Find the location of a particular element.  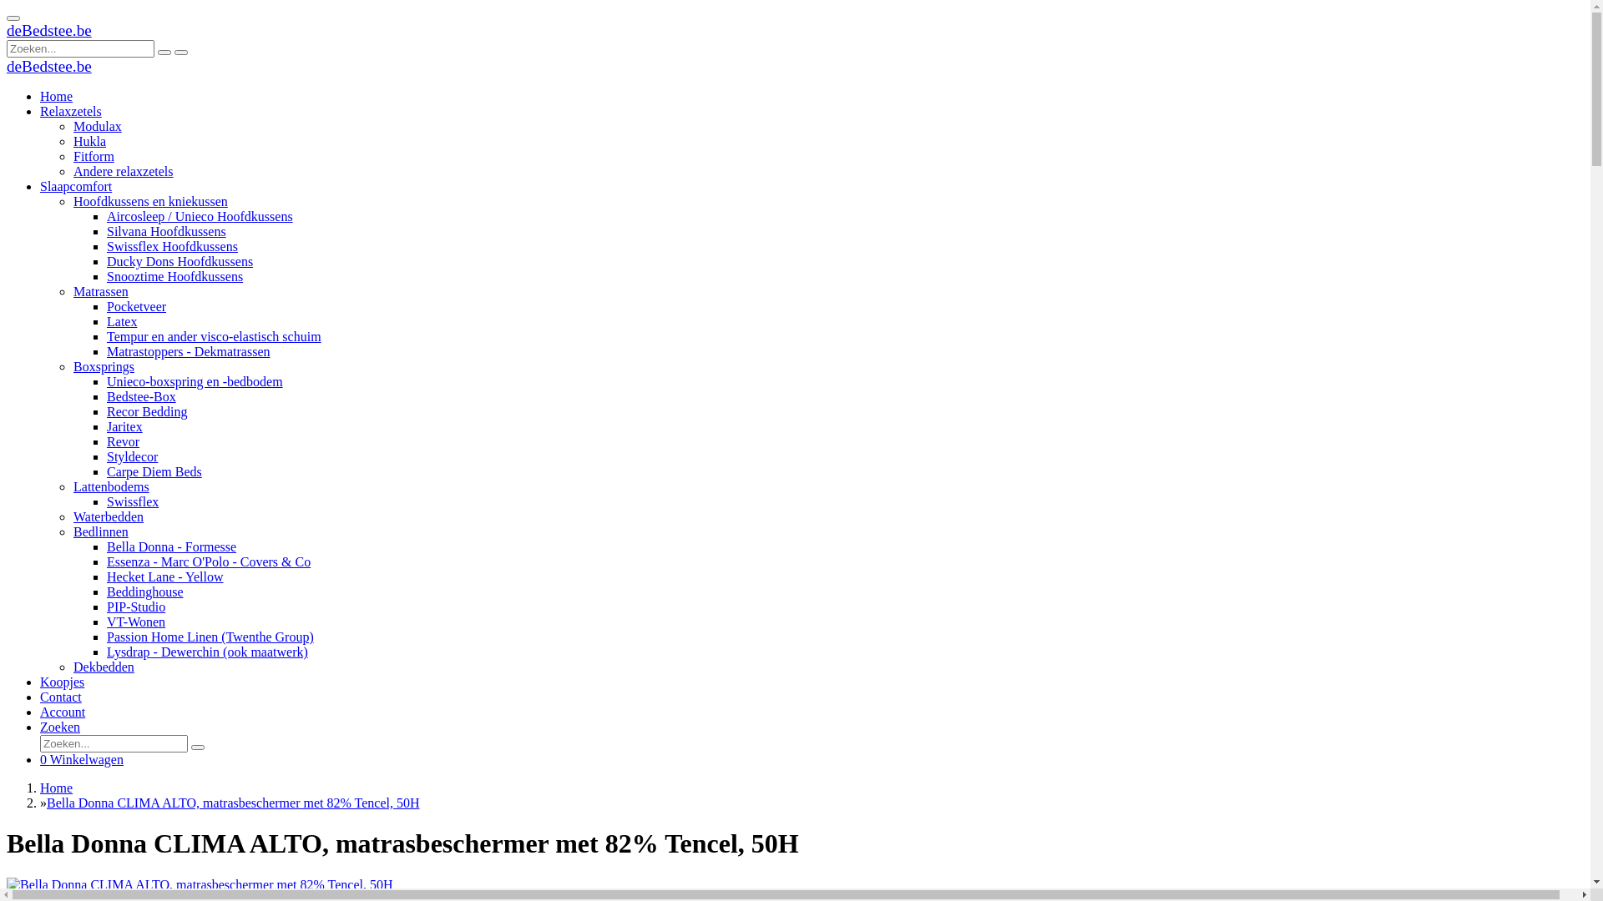

'Ducky Dons Hoofdkussens' is located at coordinates (180, 261).